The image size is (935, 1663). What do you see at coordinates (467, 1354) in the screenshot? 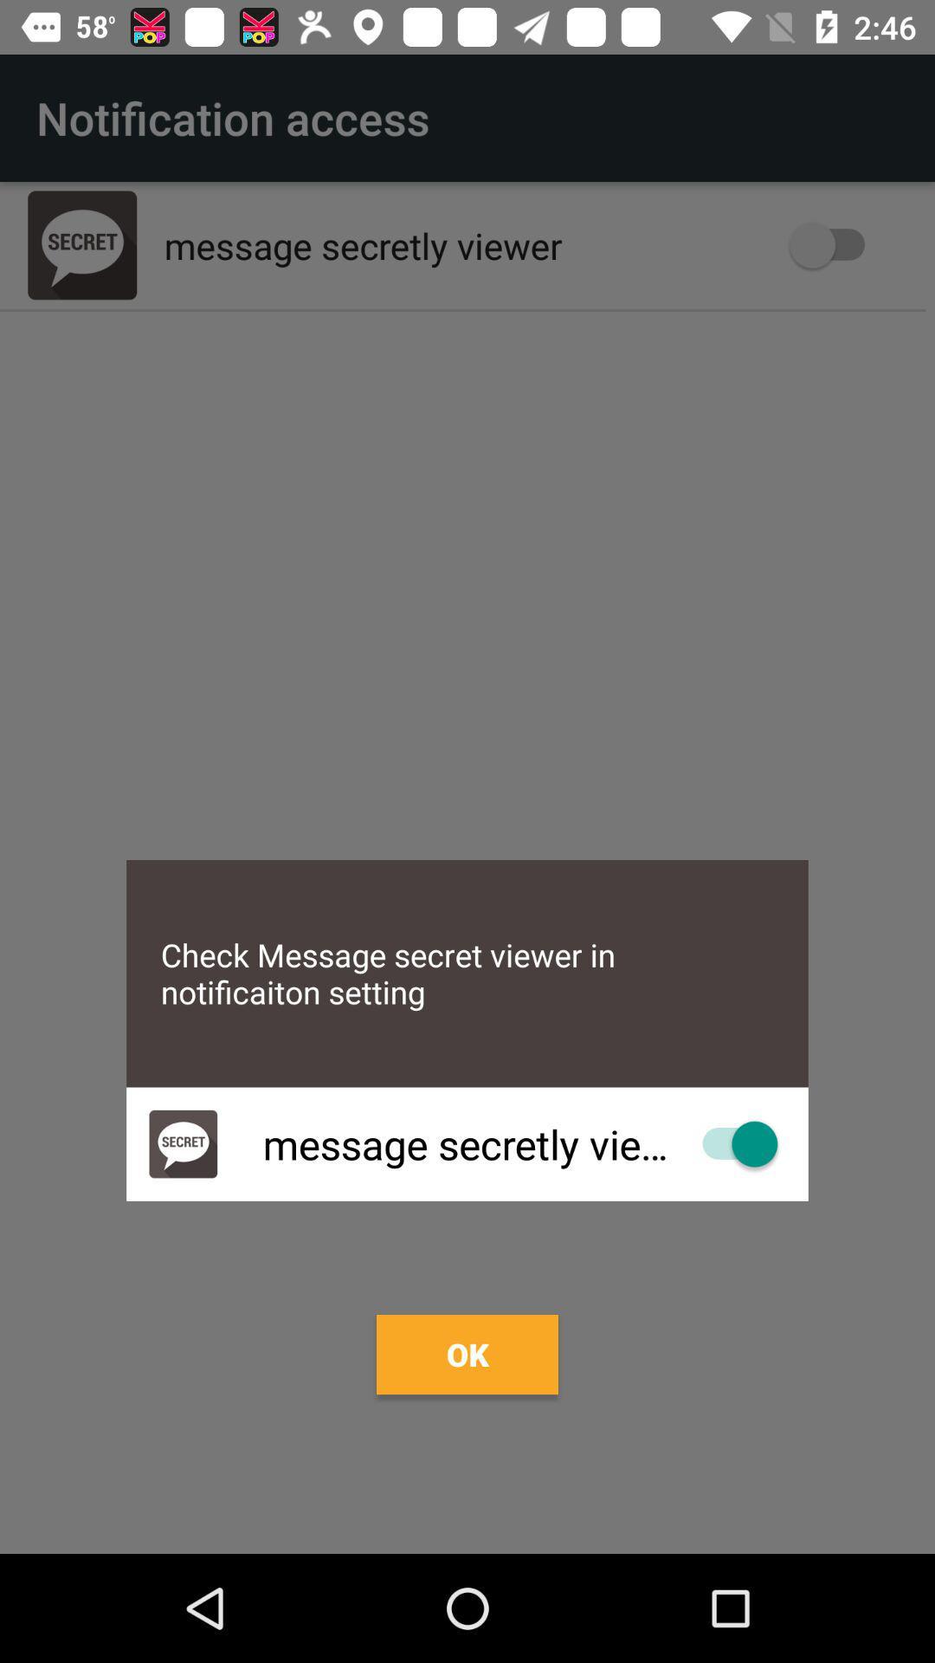
I see `the icon below message secretly viewer icon` at bounding box center [467, 1354].